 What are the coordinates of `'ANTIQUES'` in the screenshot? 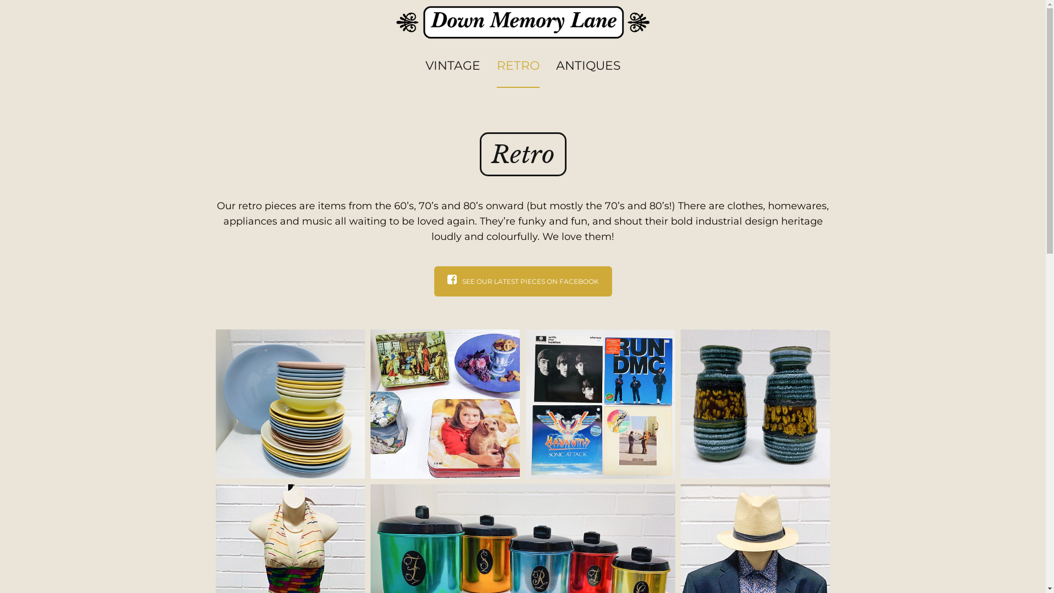 It's located at (587, 65).